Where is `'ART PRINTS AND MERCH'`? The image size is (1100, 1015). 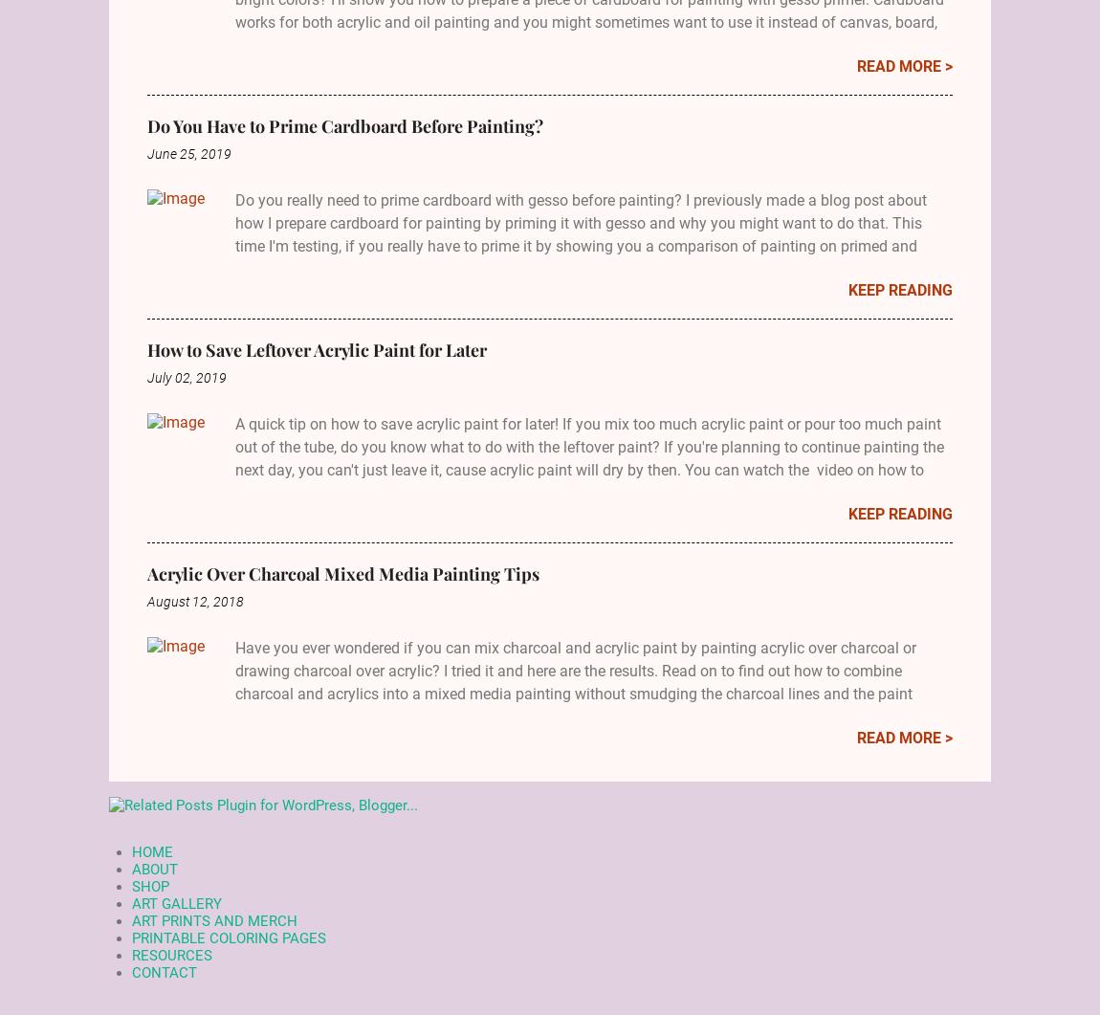
'ART PRINTS AND MERCH' is located at coordinates (213, 919).